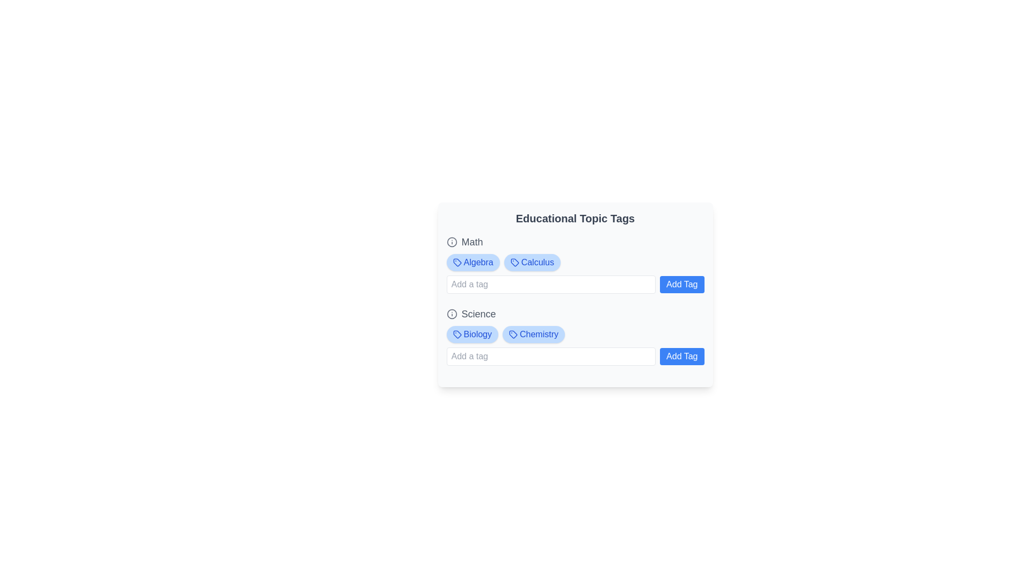 Image resolution: width=1031 pixels, height=580 pixels. I want to click on the 'Calculus' label located in the 'Math' section under 'Educational Topic Tags', which is the second tag in this group and positioned to the right of the 'Algebra' tag, so click(532, 263).